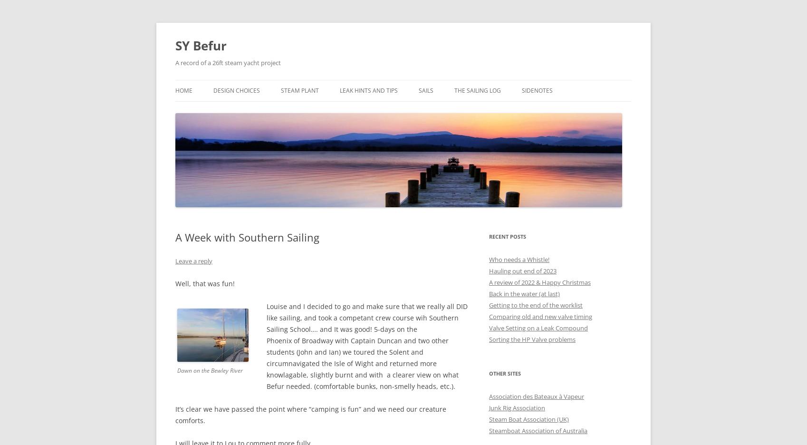  What do you see at coordinates (281, 90) in the screenshot?
I see `'Steam Plant'` at bounding box center [281, 90].